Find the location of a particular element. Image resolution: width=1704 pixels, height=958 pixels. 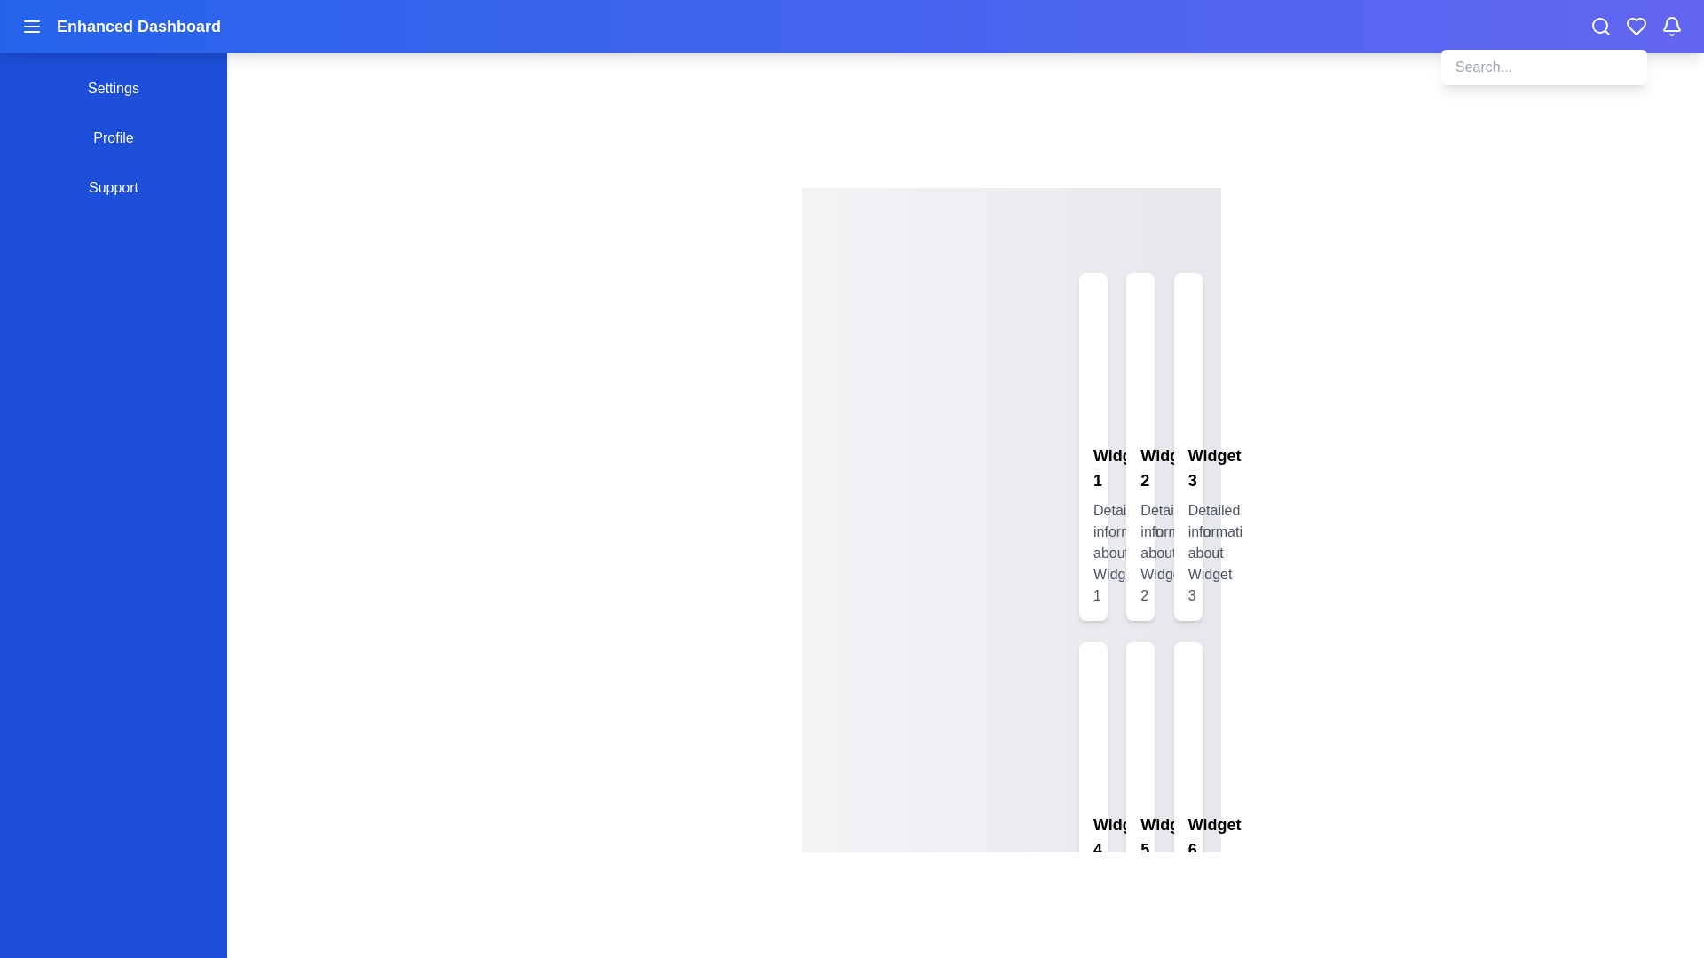

the Information card titled 'Widget 1' which is a white rectangular card with rounded corners, located in the top-left area of the grid layout is located at coordinates (1093, 446).